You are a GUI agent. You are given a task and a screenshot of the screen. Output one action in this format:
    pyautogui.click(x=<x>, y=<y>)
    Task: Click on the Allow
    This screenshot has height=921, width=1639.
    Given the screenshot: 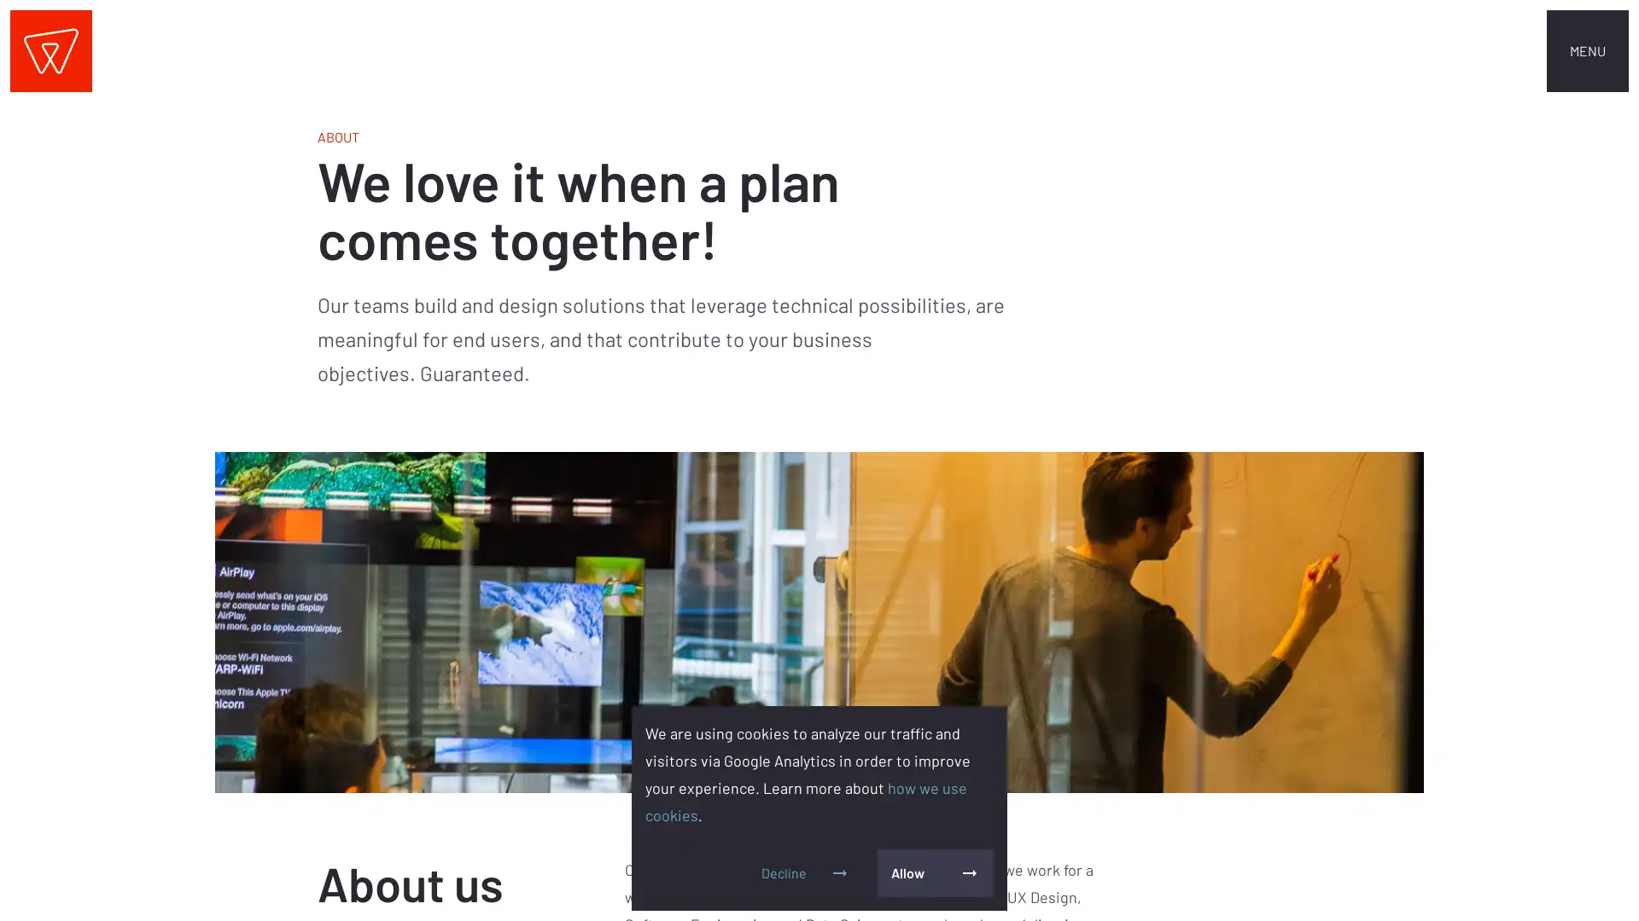 What is the action you would take?
    pyautogui.click(x=934, y=872)
    